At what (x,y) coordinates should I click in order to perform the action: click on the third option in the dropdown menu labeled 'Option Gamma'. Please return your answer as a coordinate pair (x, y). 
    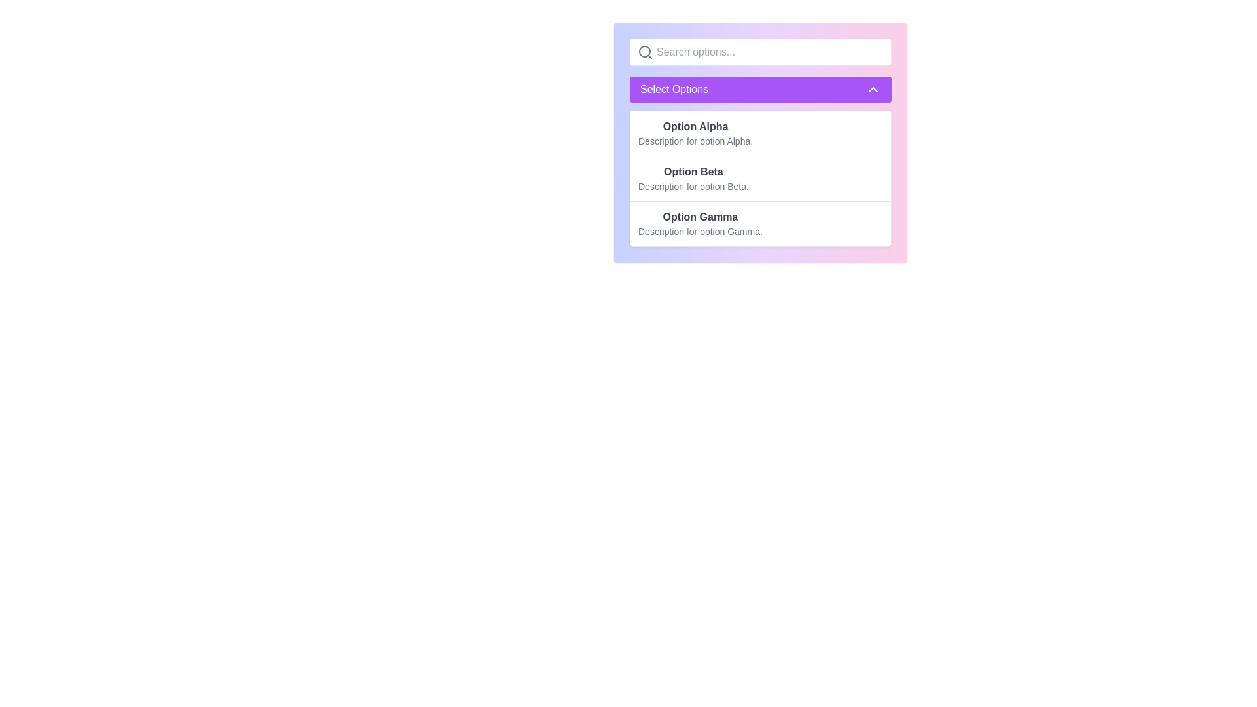
    Looking at the image, I should click on (760, 222).